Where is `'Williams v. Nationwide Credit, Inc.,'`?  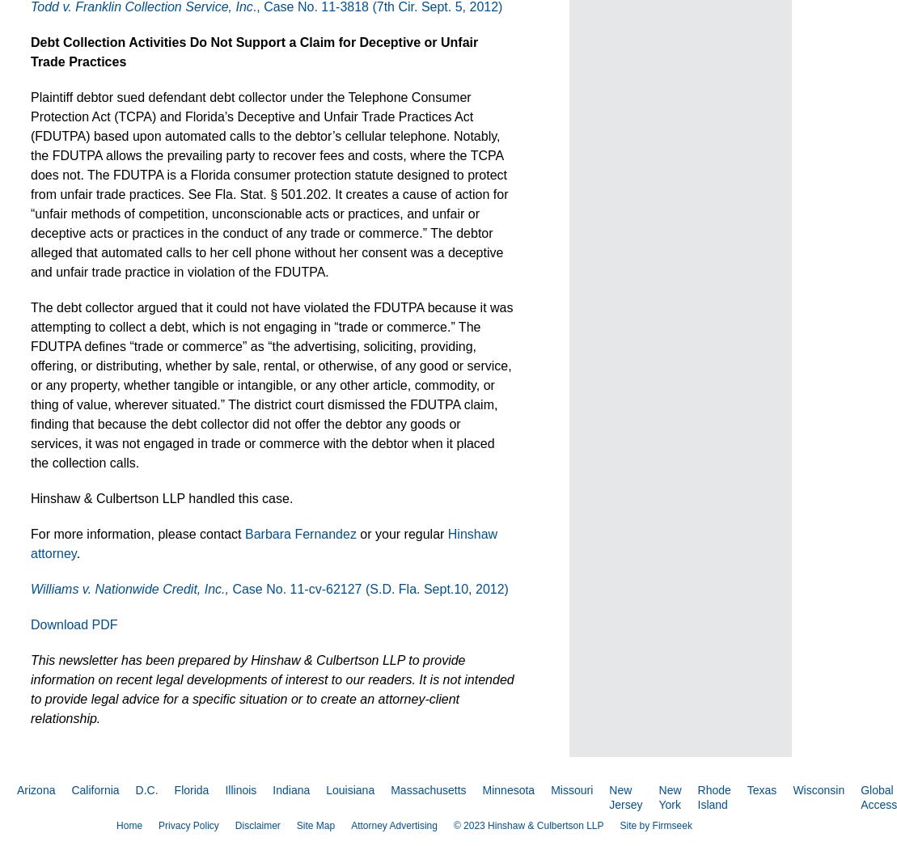 'Williams v. Nationwide Credit, Inc.,' is located at coordinates (130, 589).